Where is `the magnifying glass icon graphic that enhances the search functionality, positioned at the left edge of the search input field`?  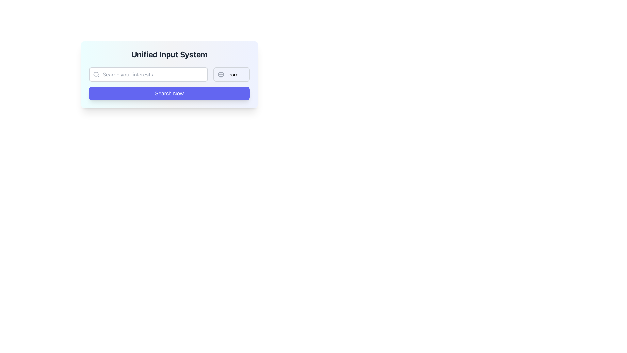 the magnifying glass icon graphic that enhances the search functionality, positioned at the left edge of the search input field is located at coordinates (96, 74).